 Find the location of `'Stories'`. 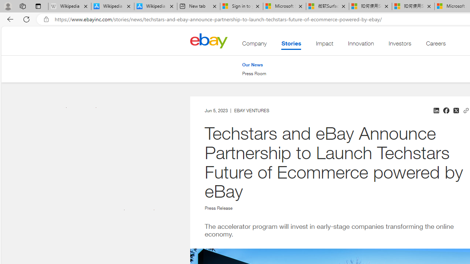

'Stories' is located at coordinates (290, 45).